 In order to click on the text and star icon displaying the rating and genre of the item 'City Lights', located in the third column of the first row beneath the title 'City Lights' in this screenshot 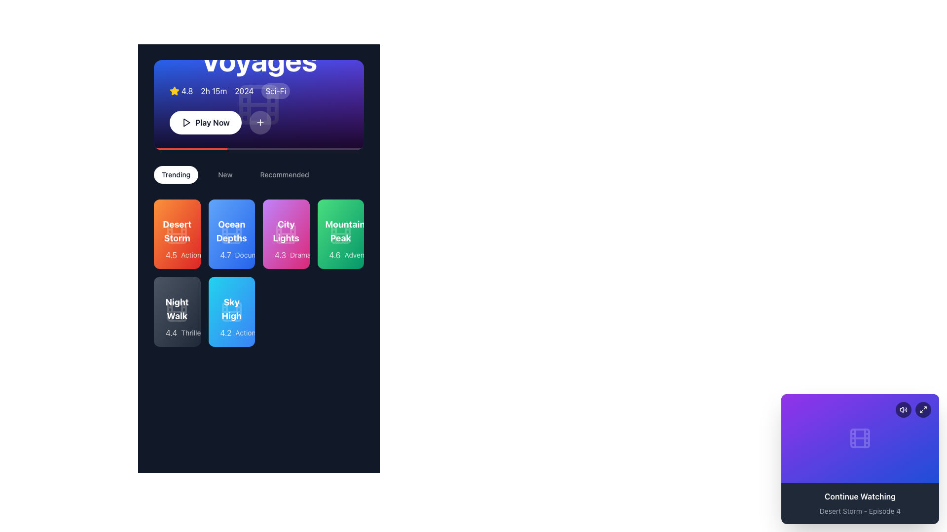, I will do `click(286, 255)`.